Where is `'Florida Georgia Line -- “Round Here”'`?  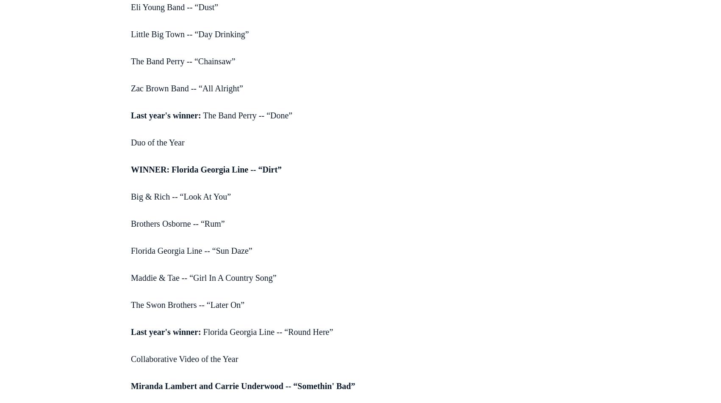 'Florida Georgia Line -- “Round Here”' is located at coordinates (267, 332).